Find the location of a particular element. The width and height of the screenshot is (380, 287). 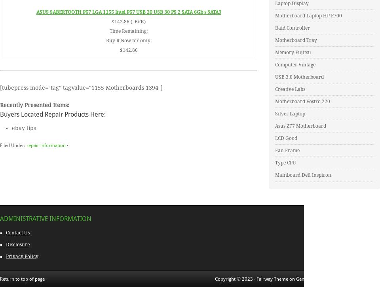

'USB 3.0 Motherboard' is located at coordinates (299, 77).